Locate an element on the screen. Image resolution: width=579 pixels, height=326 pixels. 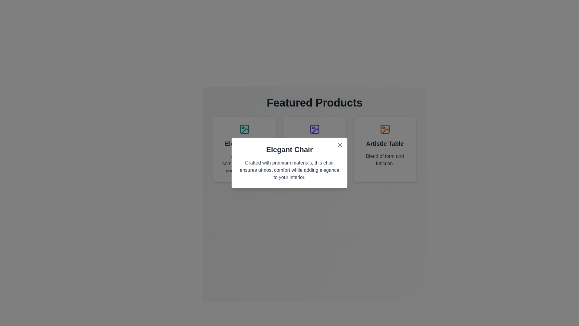
the Informational Modal titled 'Elegant Chair' which has a white background and rounded corners is located at coordinates (289, 163).